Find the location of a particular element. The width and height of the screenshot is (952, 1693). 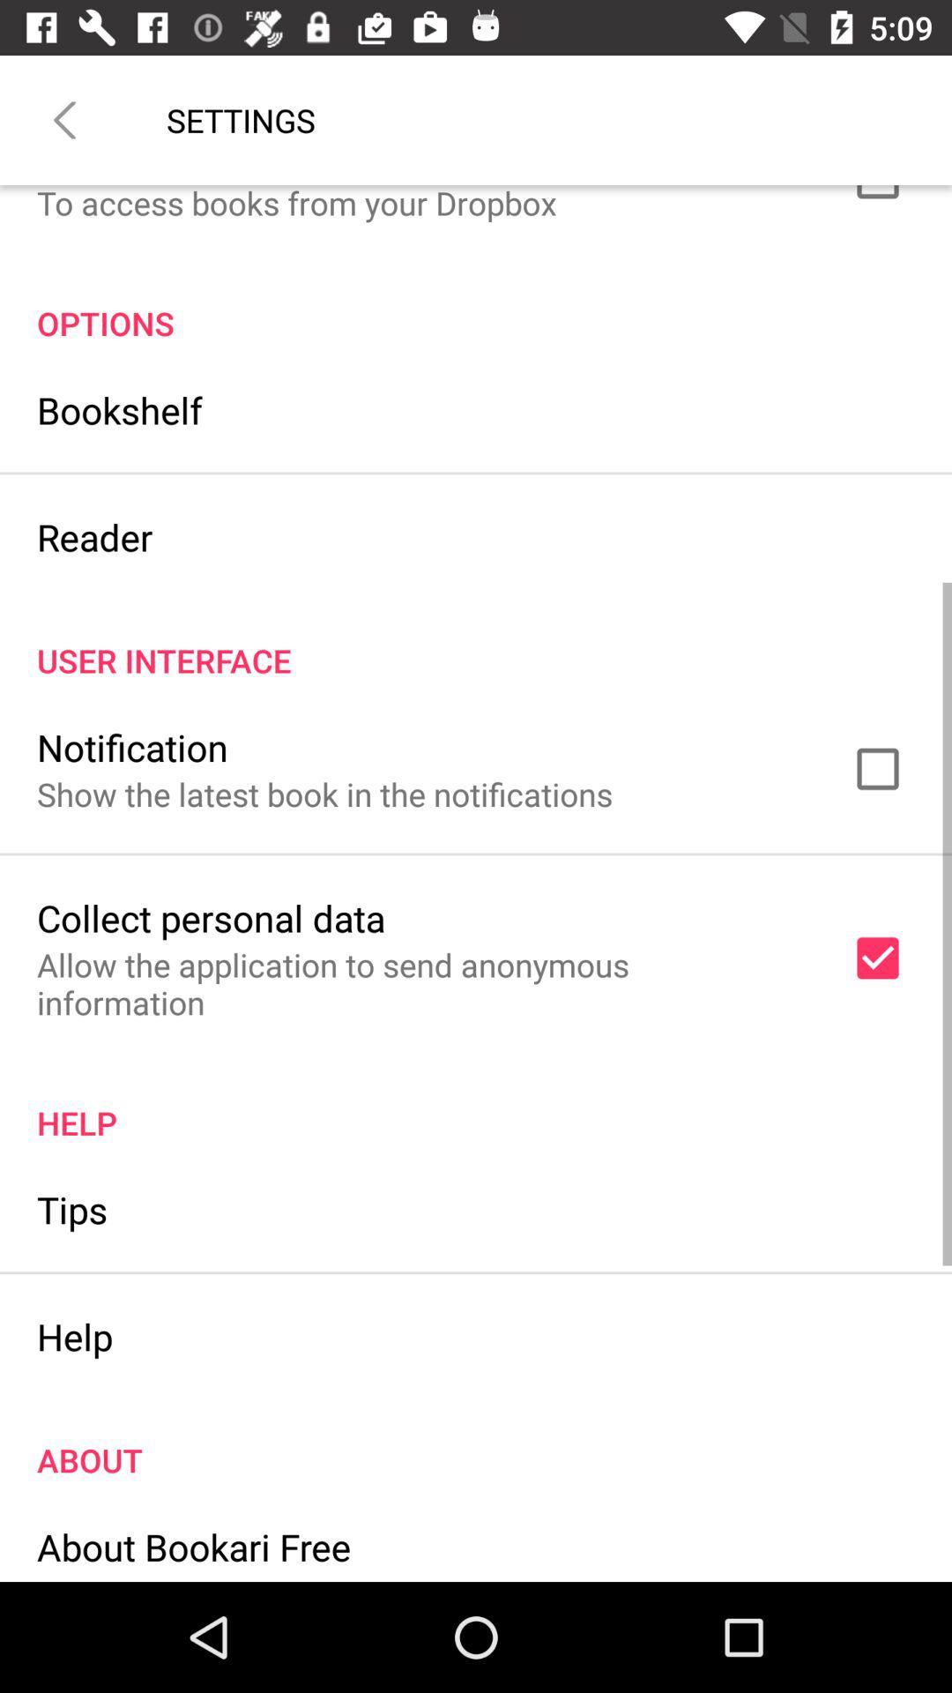

to access books icon is located at coordinates (295, 205).